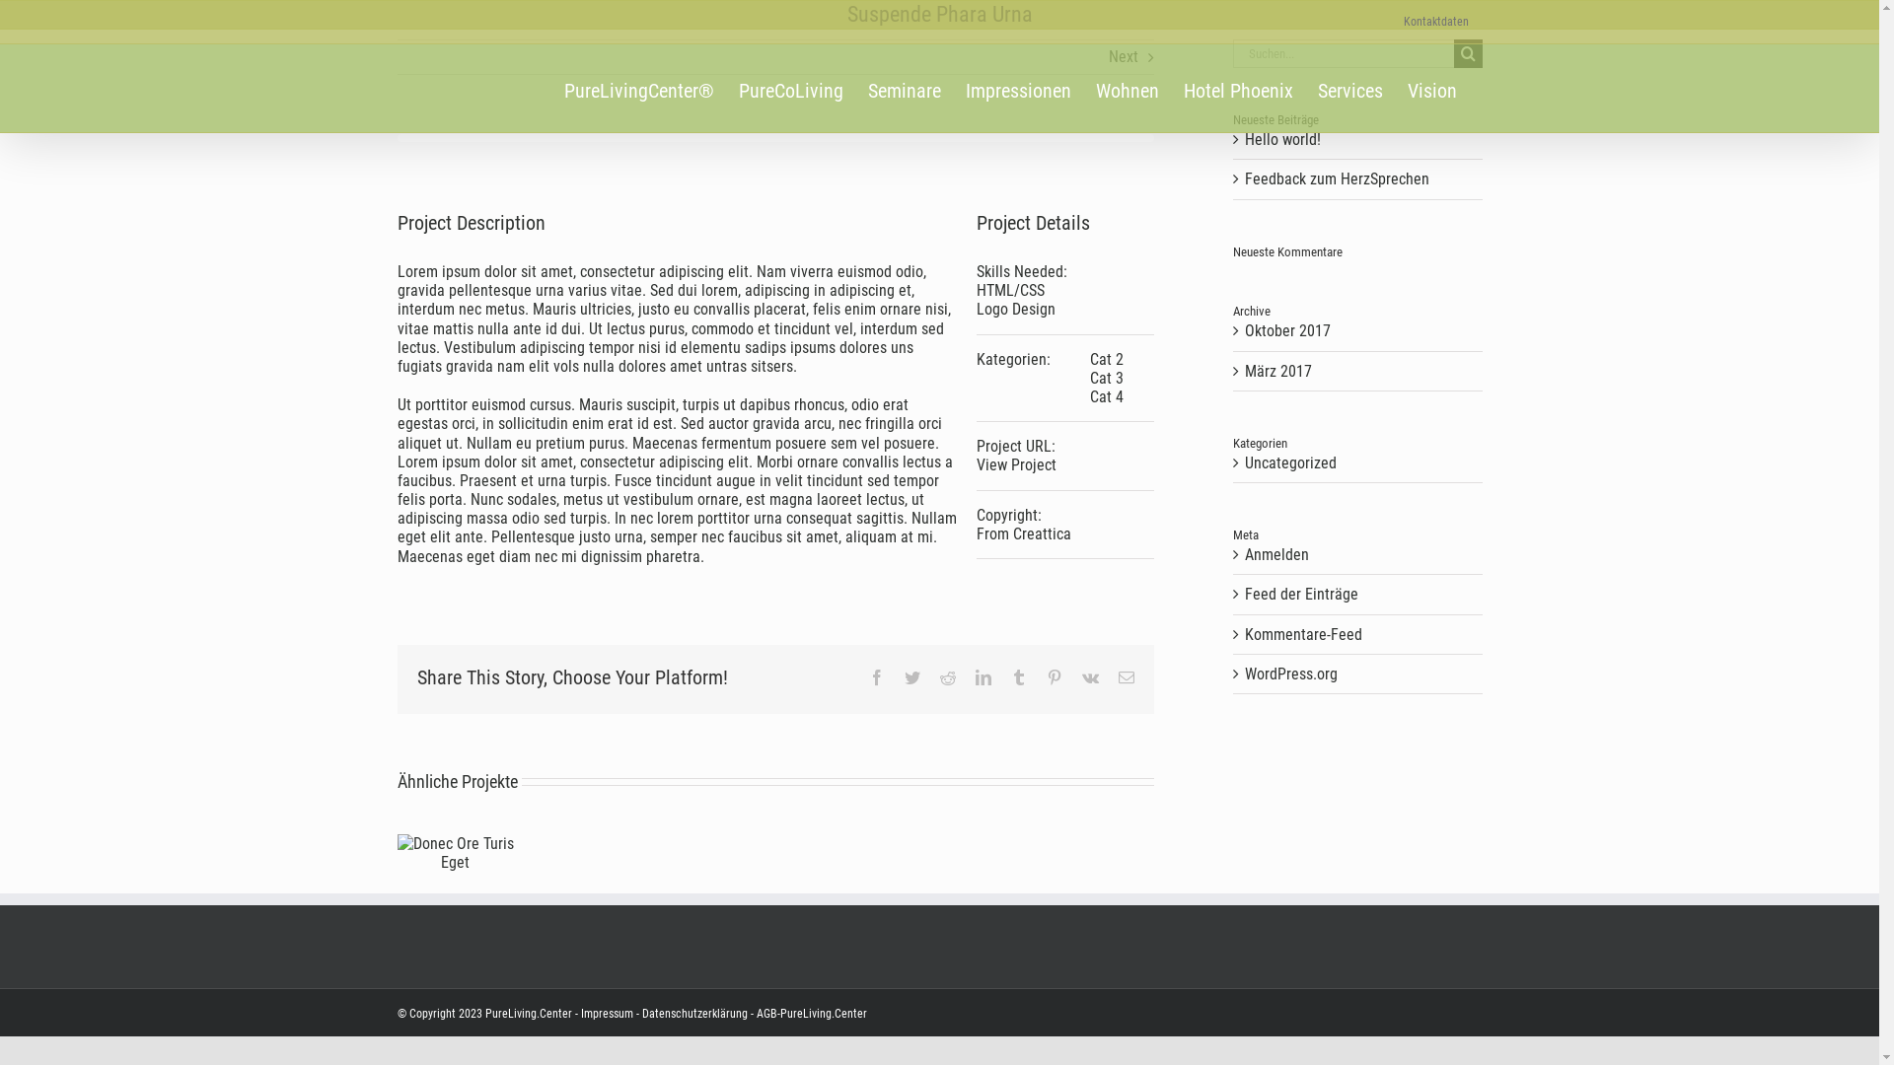 The height and width of the screenshot is (1065, 1894). I want to click on 'Cat 3', so click(1088, 378).